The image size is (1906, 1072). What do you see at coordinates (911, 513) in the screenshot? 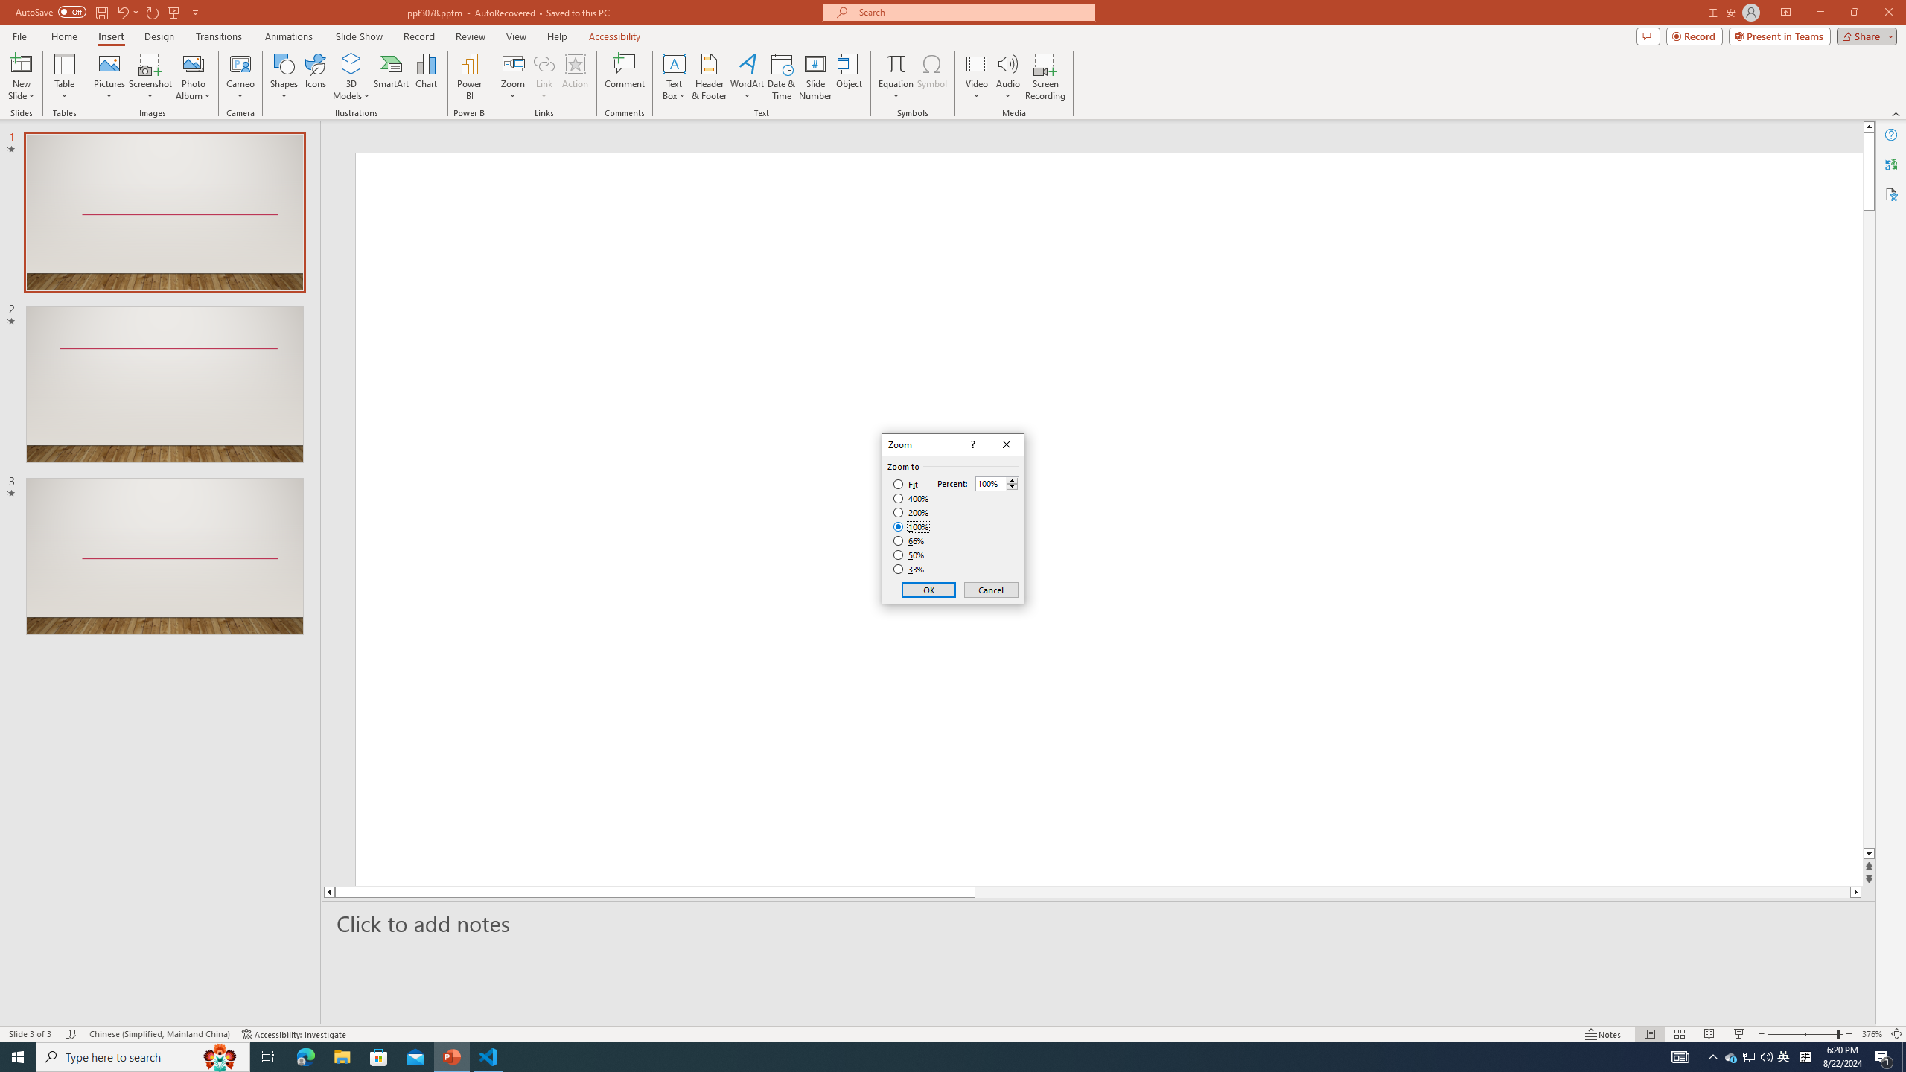
I see `'200%'` at bounding box center [911, 513].